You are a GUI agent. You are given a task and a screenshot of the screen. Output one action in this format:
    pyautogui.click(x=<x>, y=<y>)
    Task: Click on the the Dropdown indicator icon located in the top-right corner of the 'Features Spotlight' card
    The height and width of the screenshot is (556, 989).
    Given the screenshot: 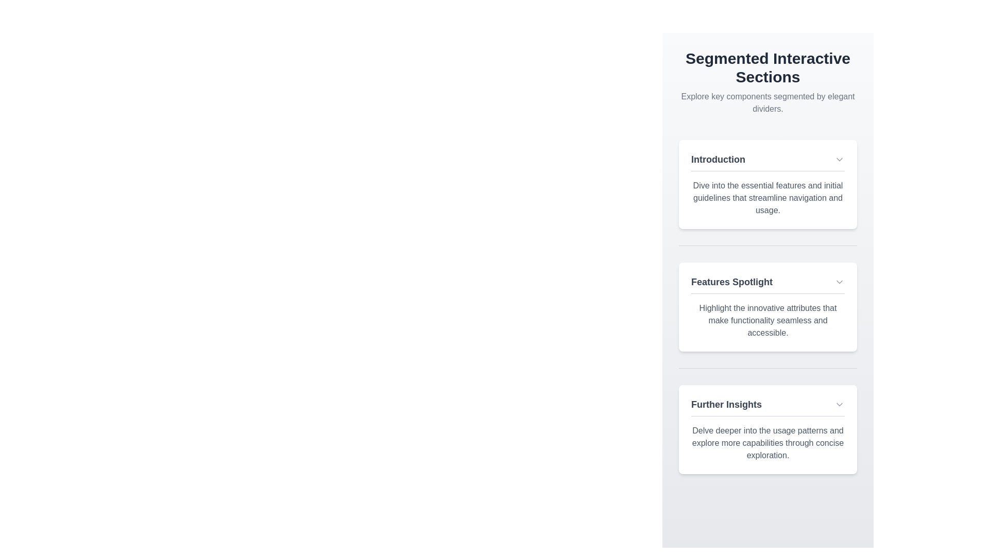 What is the action you would take?
    pyautogui.click(x=840, y=282)
    